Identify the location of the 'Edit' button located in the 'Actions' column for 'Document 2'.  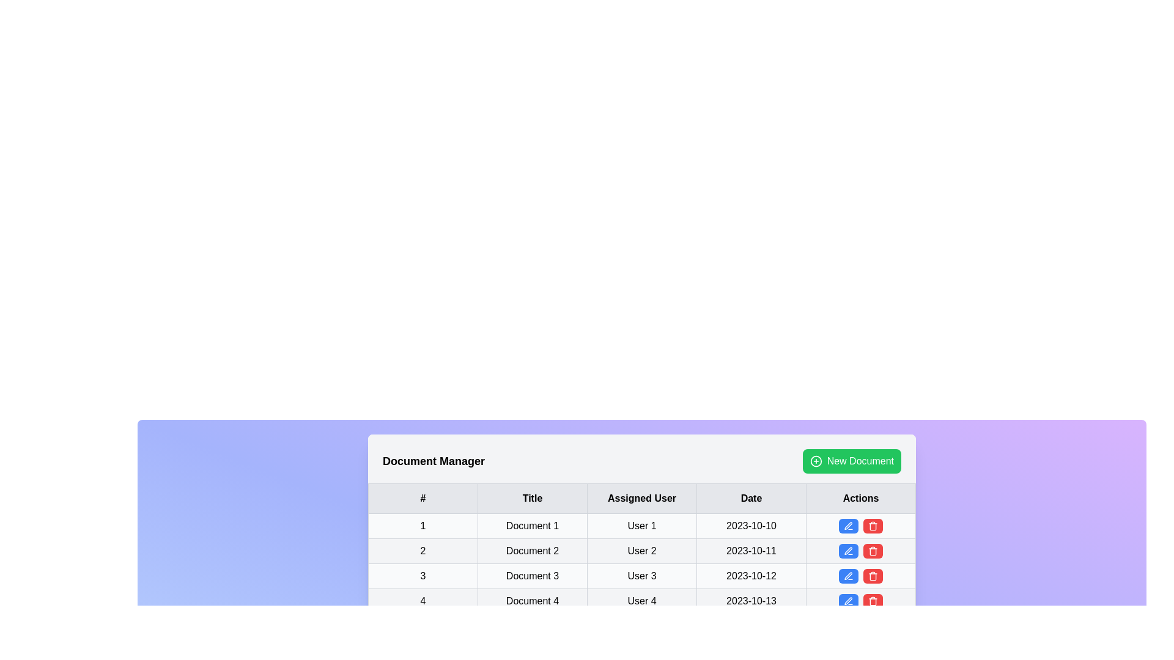
(847, 551).